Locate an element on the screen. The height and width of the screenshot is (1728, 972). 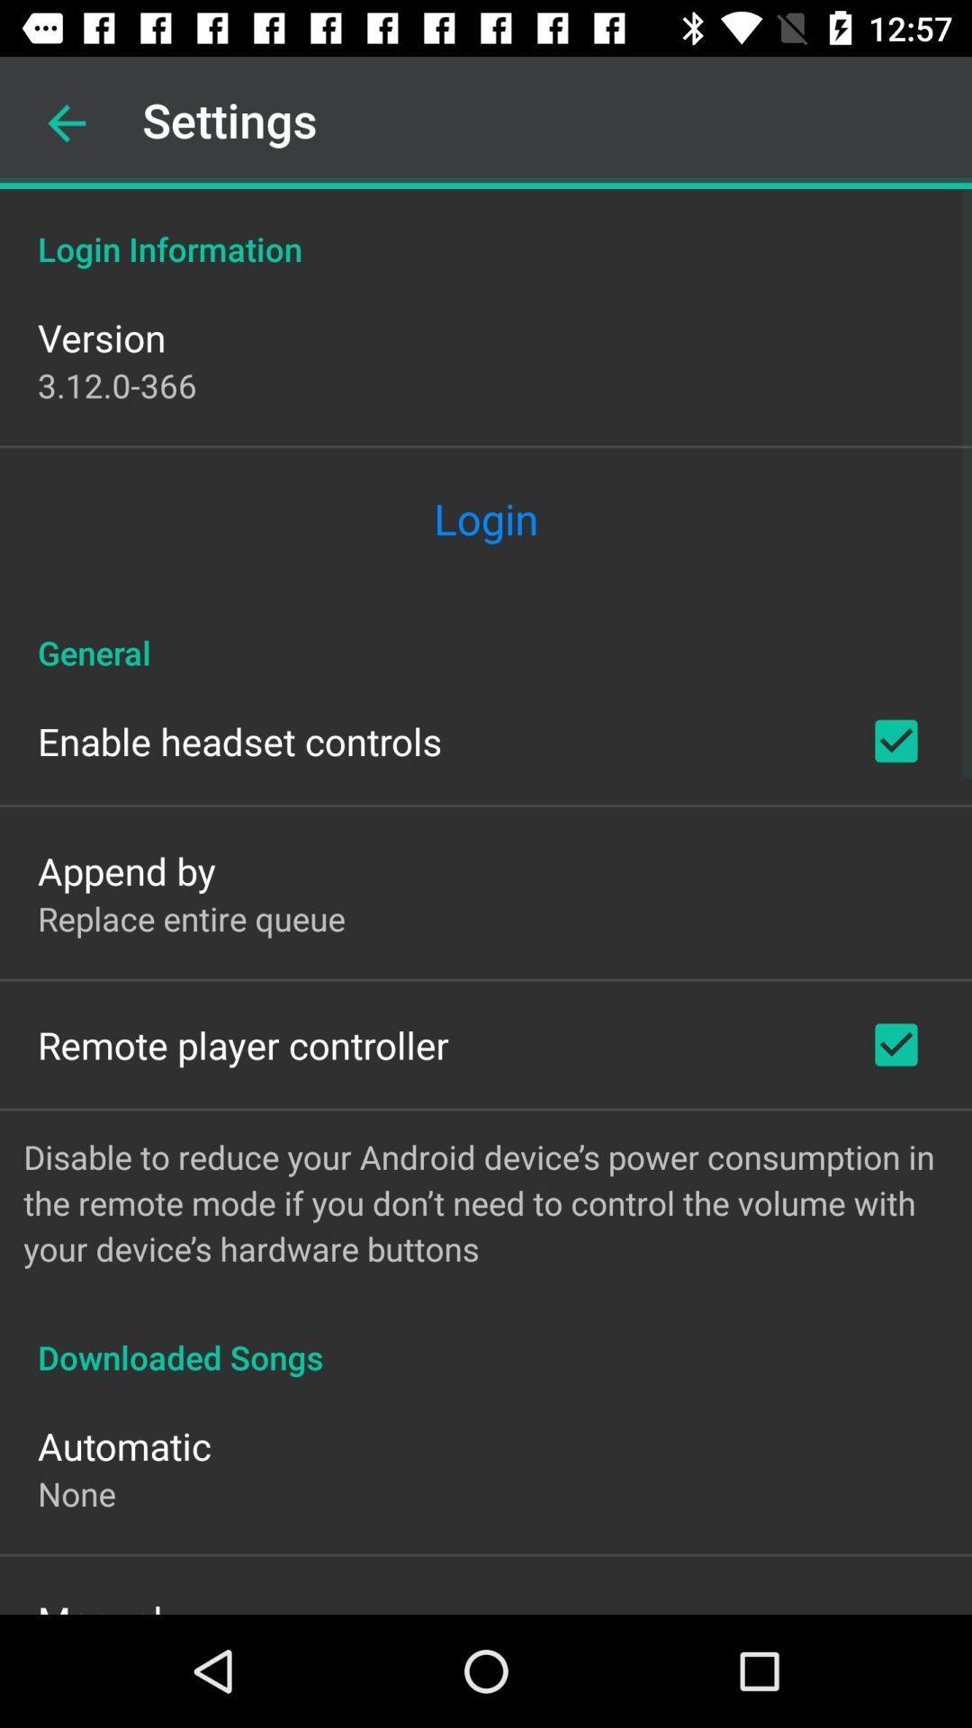
the icon above append by item is located at coordinates (238, 741).